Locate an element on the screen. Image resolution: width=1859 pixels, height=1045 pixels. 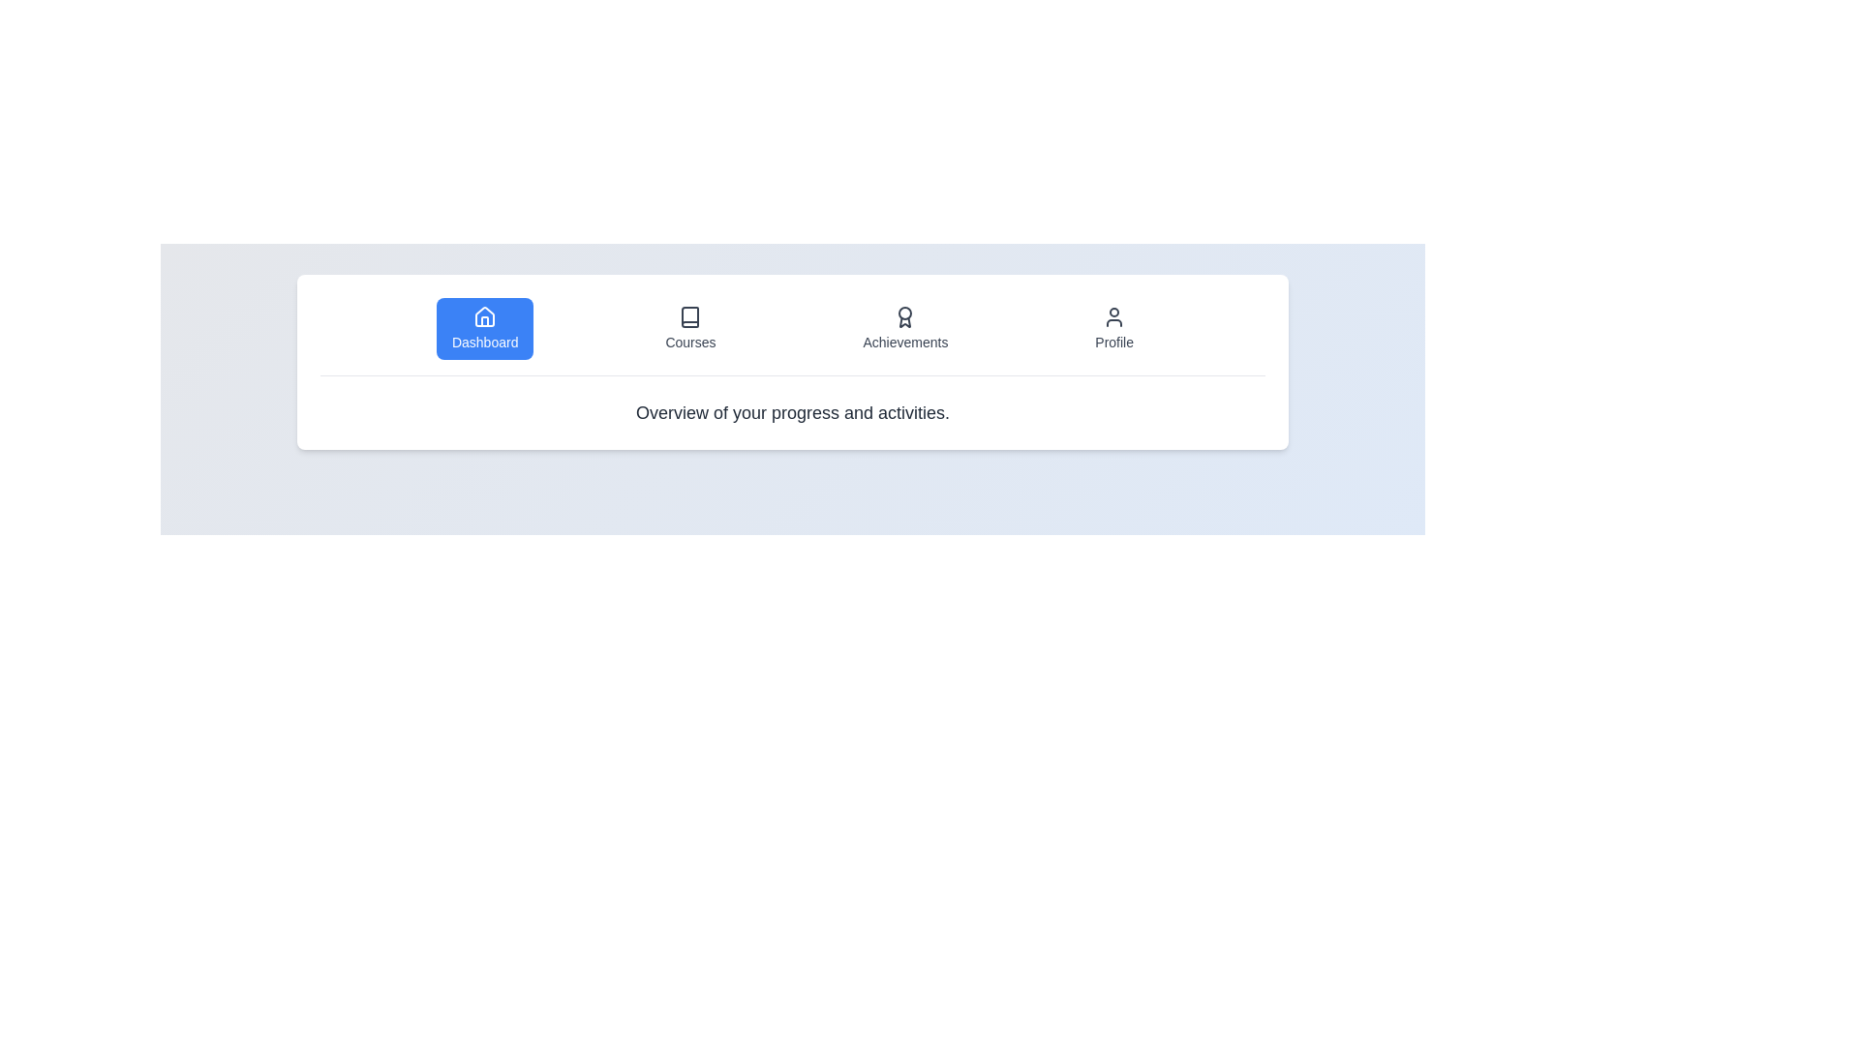
the third button in the horizontal navigation bar is located at coordinates (904, 327).